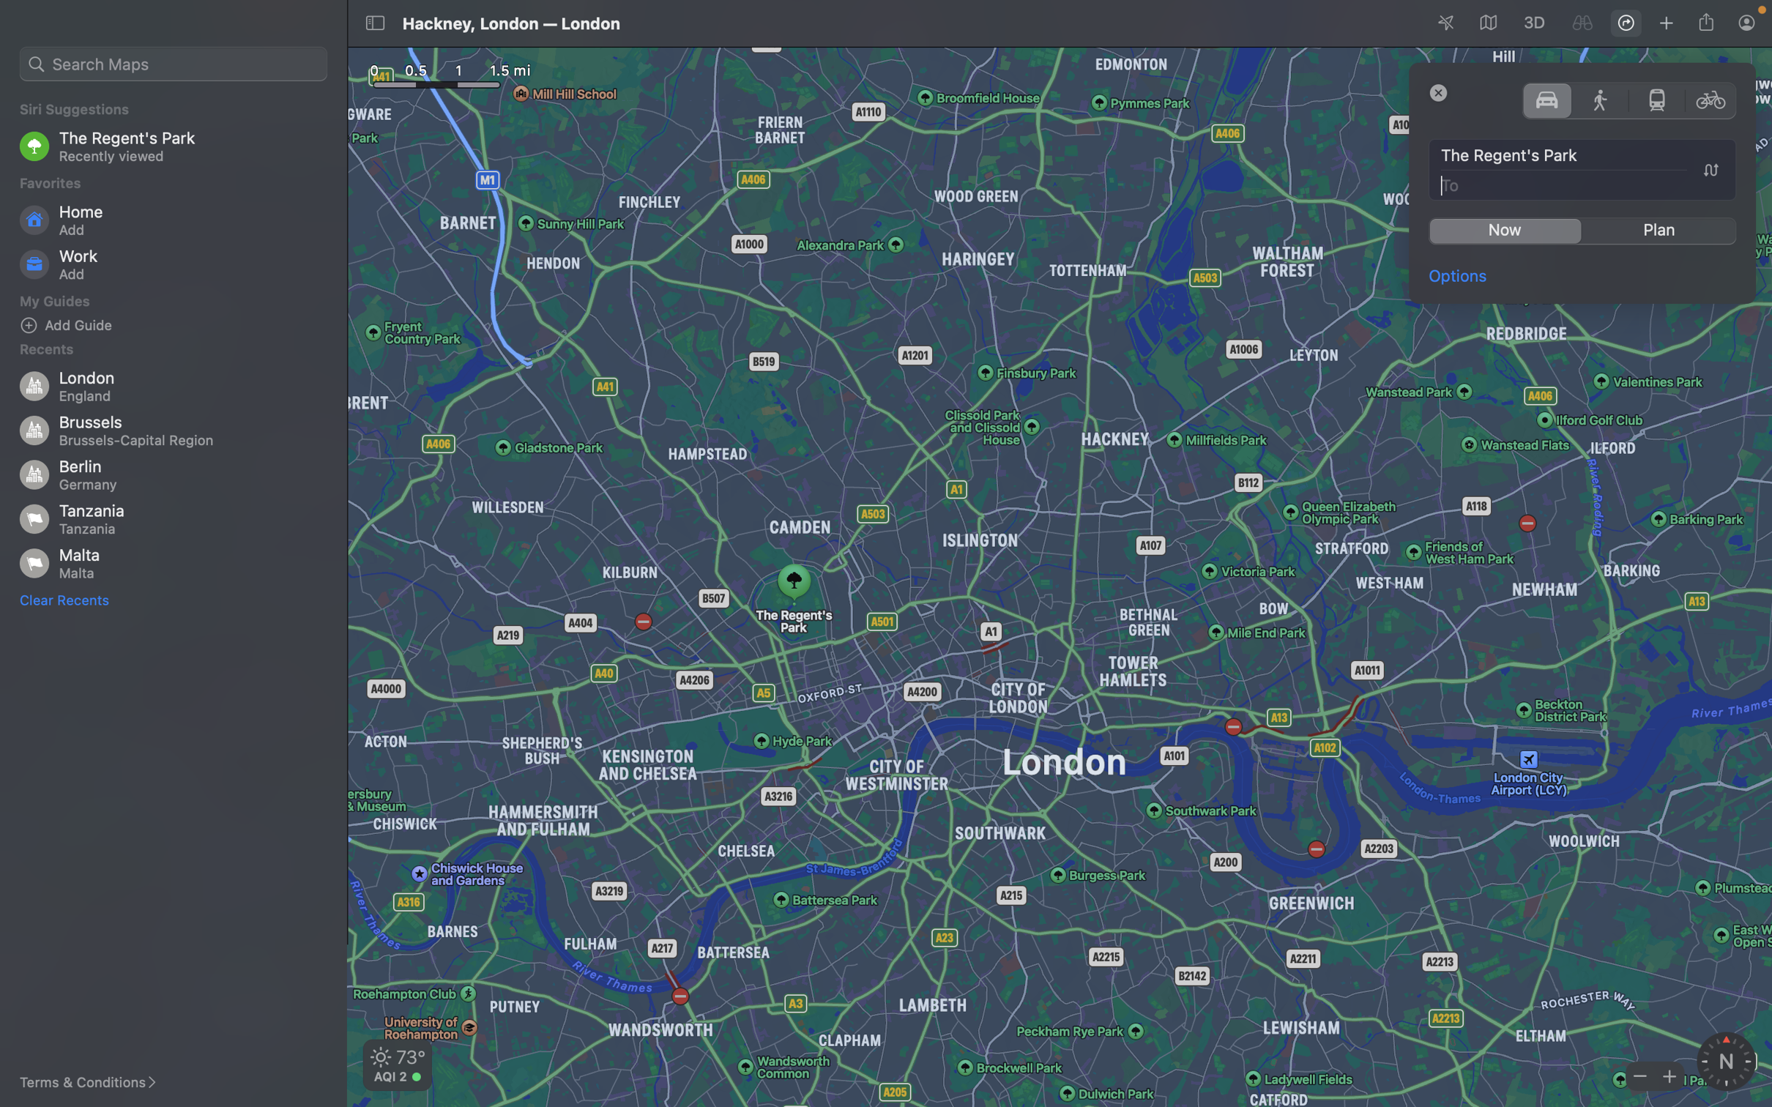 Image resolution: width=1772 pixels, height=1107 pixels. What do you see at coordinates (1656, 99) in the screenshot?
I see `your travel preference to public transit` at bounding box center [1656, 99].